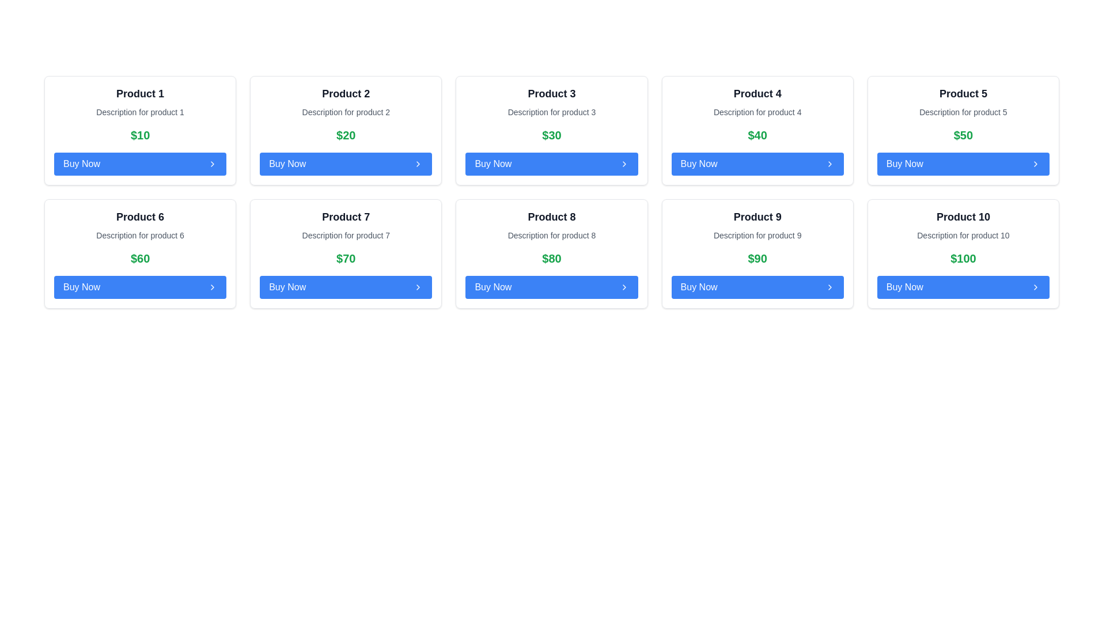  I want to click on the chevron icon embedded within the 'Buy Now' button, so click(418, 164).